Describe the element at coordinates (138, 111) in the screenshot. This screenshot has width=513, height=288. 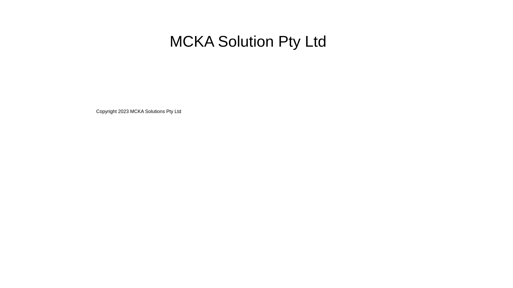
I see `'Copyright 2023 MCKA Solutions Pty Ltd'` at that location.